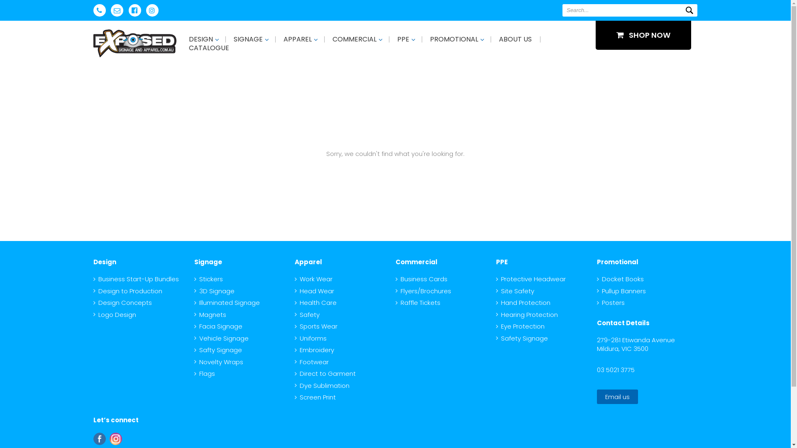  I want to click on 'Pullup Banners', so click(621, 290).